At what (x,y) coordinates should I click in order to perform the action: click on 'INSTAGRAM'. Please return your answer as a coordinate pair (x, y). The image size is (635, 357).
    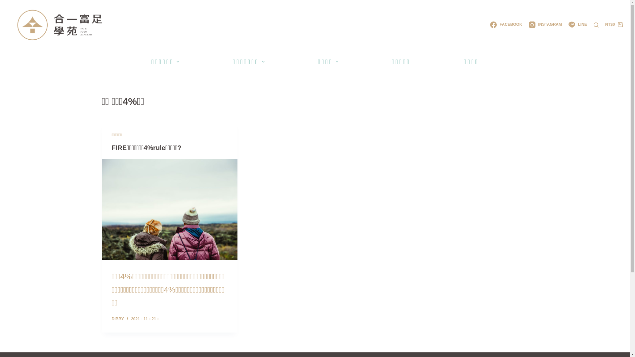
    Looking at the image, I should click on (545, 24).